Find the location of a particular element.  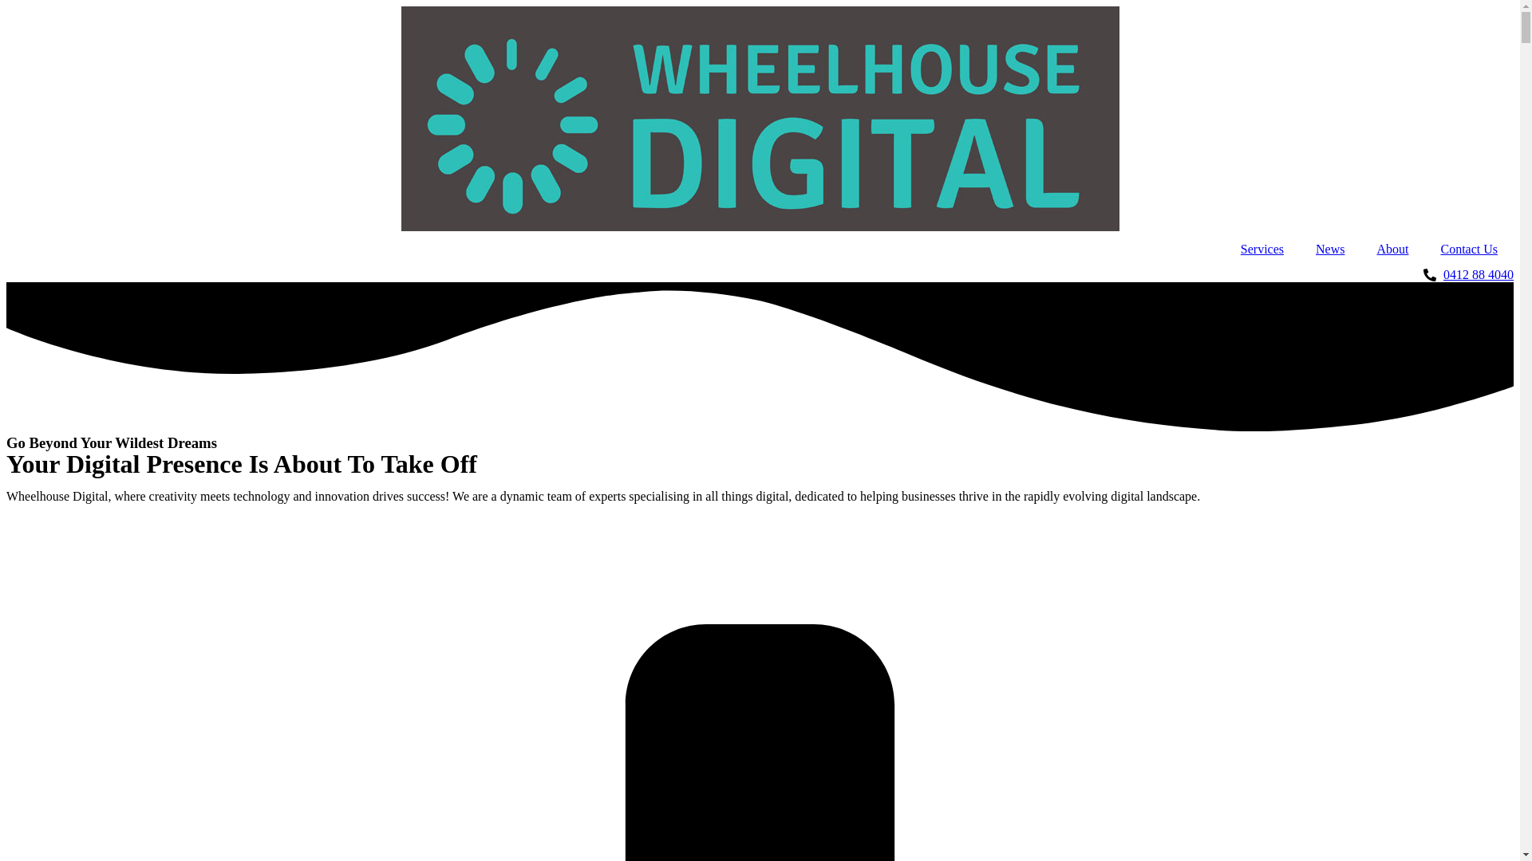

'News' is located at coordinates (1329, 249).